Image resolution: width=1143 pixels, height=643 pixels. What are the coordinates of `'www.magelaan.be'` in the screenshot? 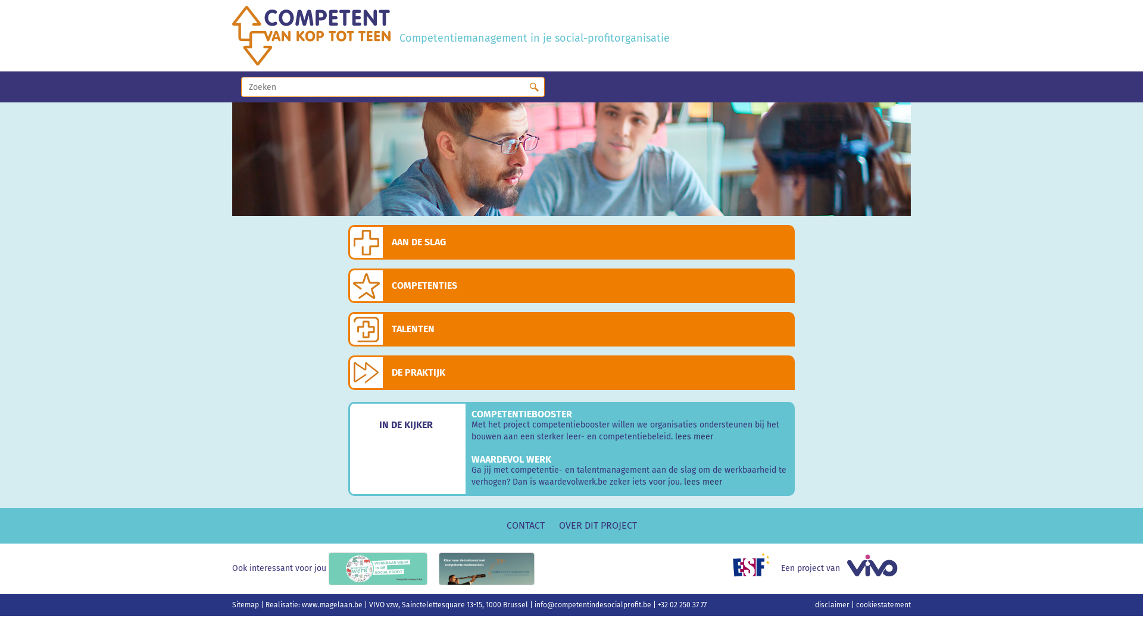 It's located at (333, 604).